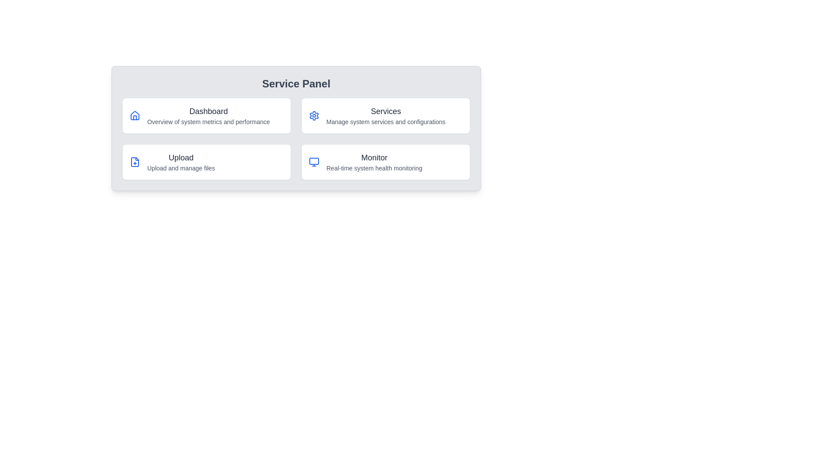  Describe the element at coordinates (314, 161) in the screenshot. I see `the decorative graphical element styled as a monitor icon, which is part of the 'Monitor' card in the Service Panel interface` at that location.